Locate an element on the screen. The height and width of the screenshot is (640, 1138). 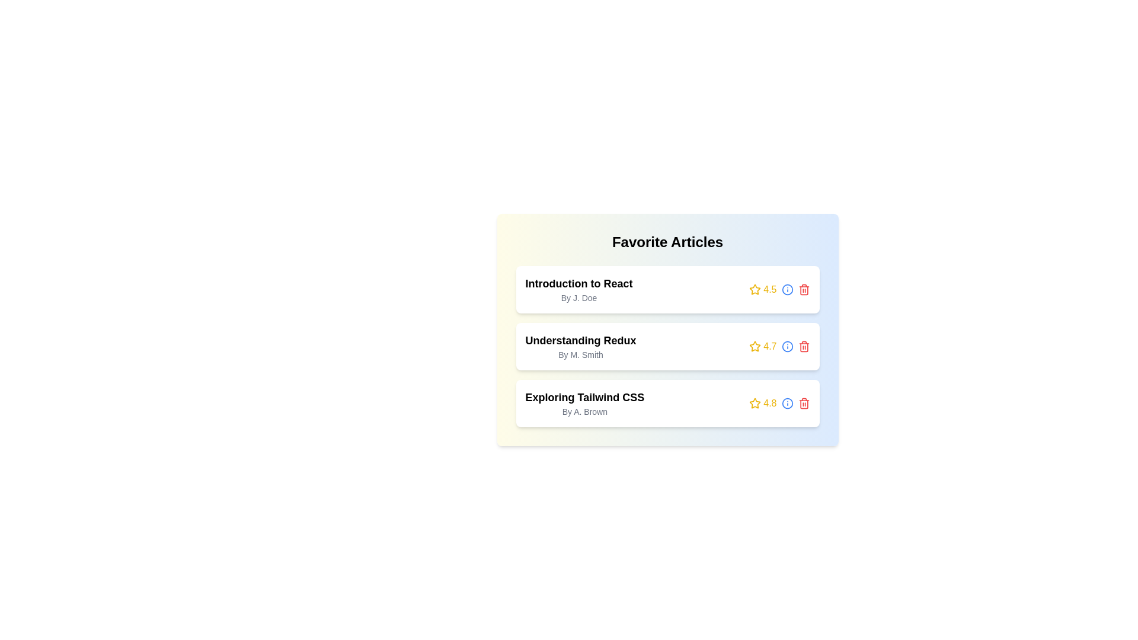
'trash' icon to remove the article titled 'Understanding Redux' is located at coordinates (804, 347).